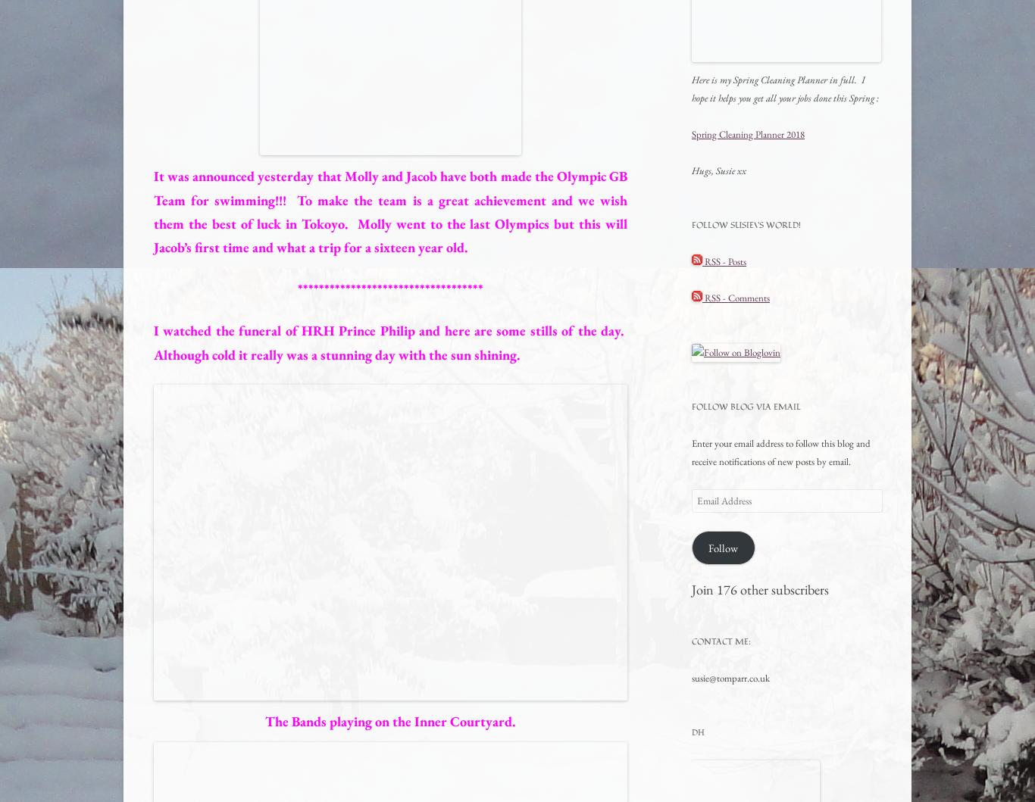  What do you see at coordinates (721, 641) in the screenshot?
I see `'Contact me:'` at bounding box center [721, 641].